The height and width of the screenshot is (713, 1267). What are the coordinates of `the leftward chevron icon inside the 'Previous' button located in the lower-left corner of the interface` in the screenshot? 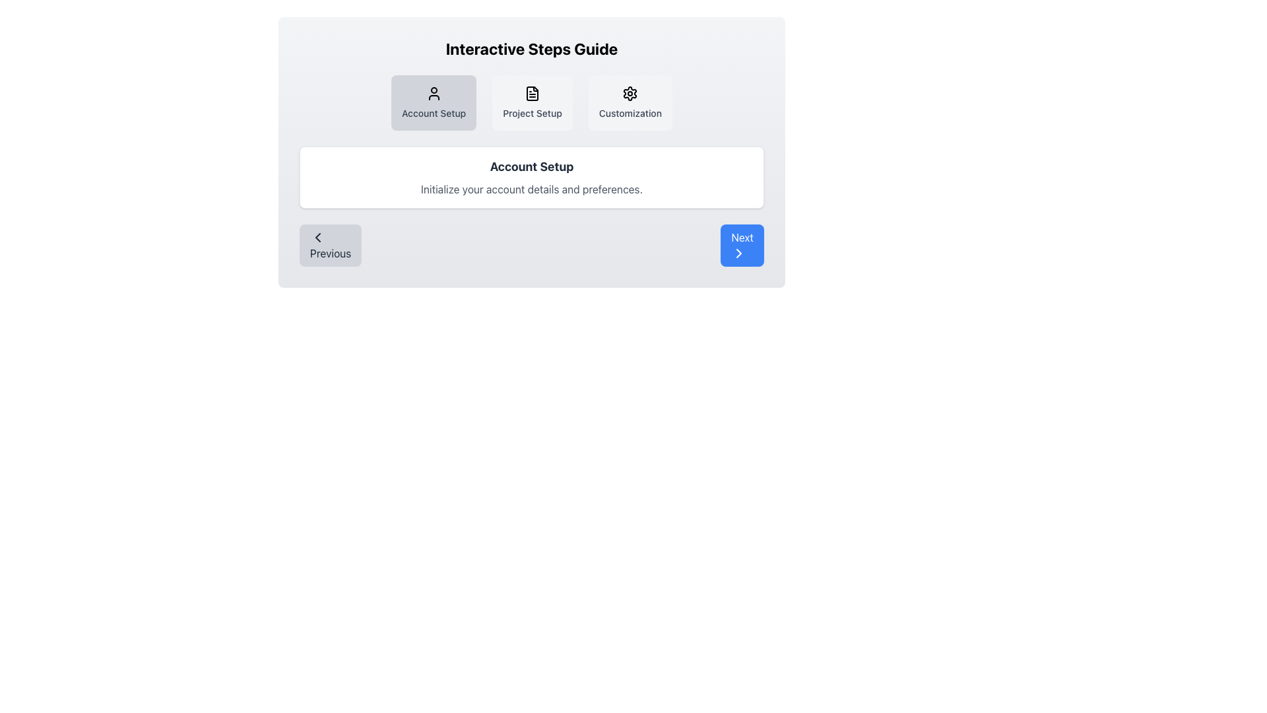 It's located at (317, 236).